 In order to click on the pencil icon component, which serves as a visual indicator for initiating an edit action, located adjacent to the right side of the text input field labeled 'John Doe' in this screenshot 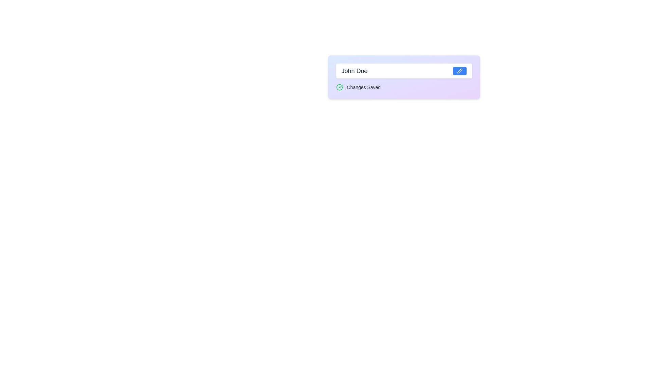, I will do `click(459, 71)`.